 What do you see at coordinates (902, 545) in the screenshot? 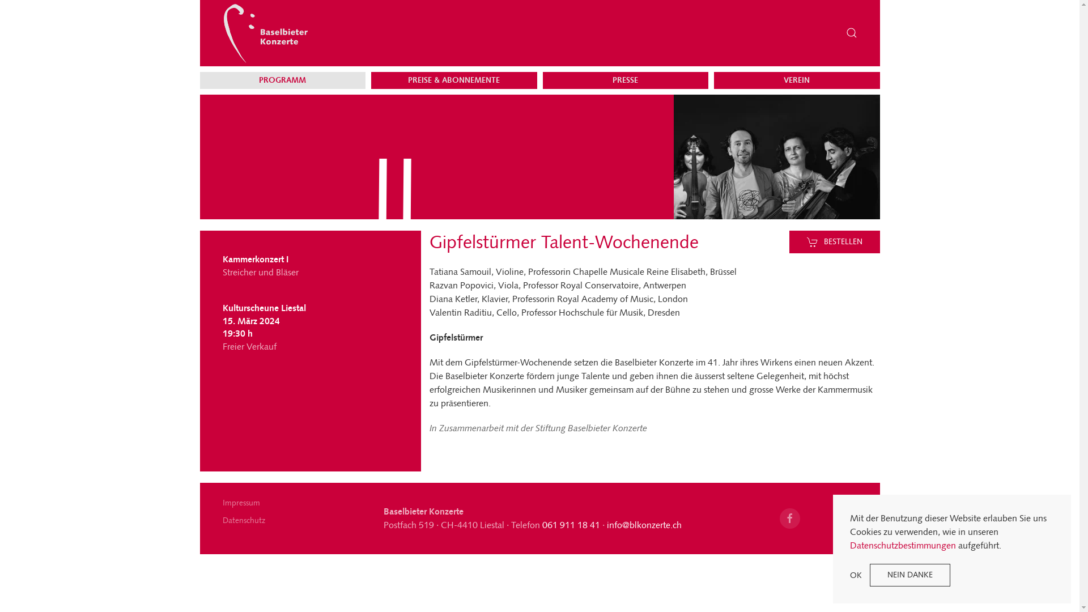
I see `'Datenschutzbestimmungen'` at bounding box center [902, 545].